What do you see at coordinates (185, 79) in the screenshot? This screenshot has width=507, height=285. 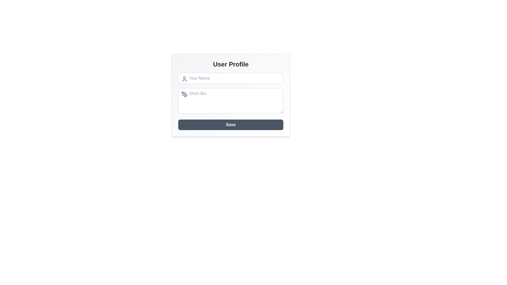 I see `the decorative user SVG icon located to the left of the 'Your Name' input field` at bounding box center [185, 79].